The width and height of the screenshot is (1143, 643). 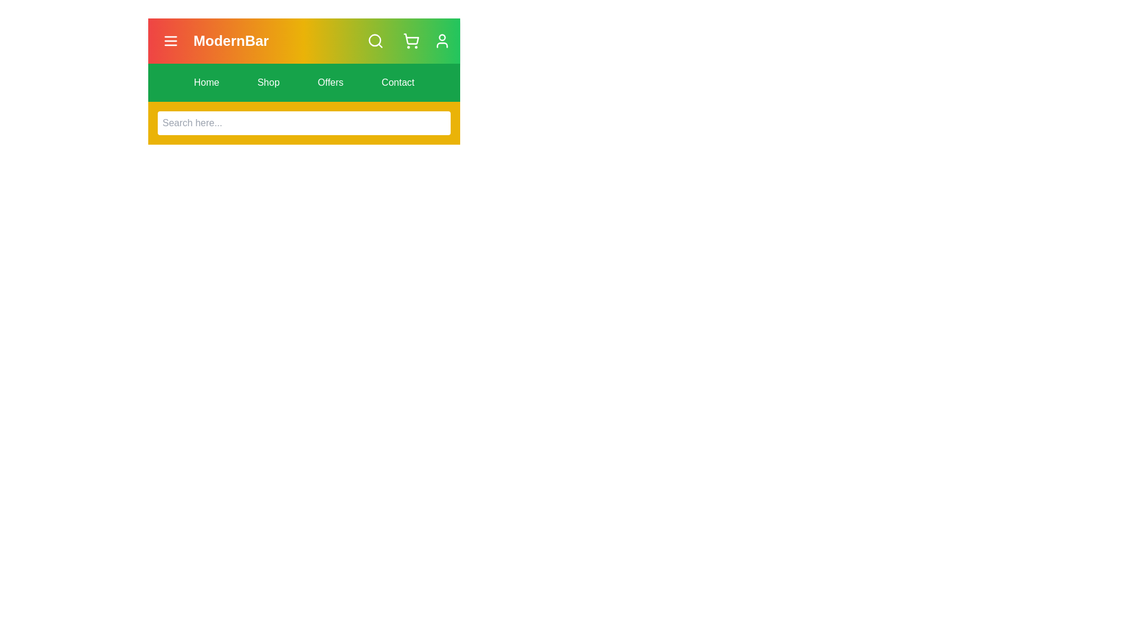 What do you see at coordinates (170, 40) in the screenshot?
I see `the menu icon to observe visual feedback` at bounding box center [170, 40].